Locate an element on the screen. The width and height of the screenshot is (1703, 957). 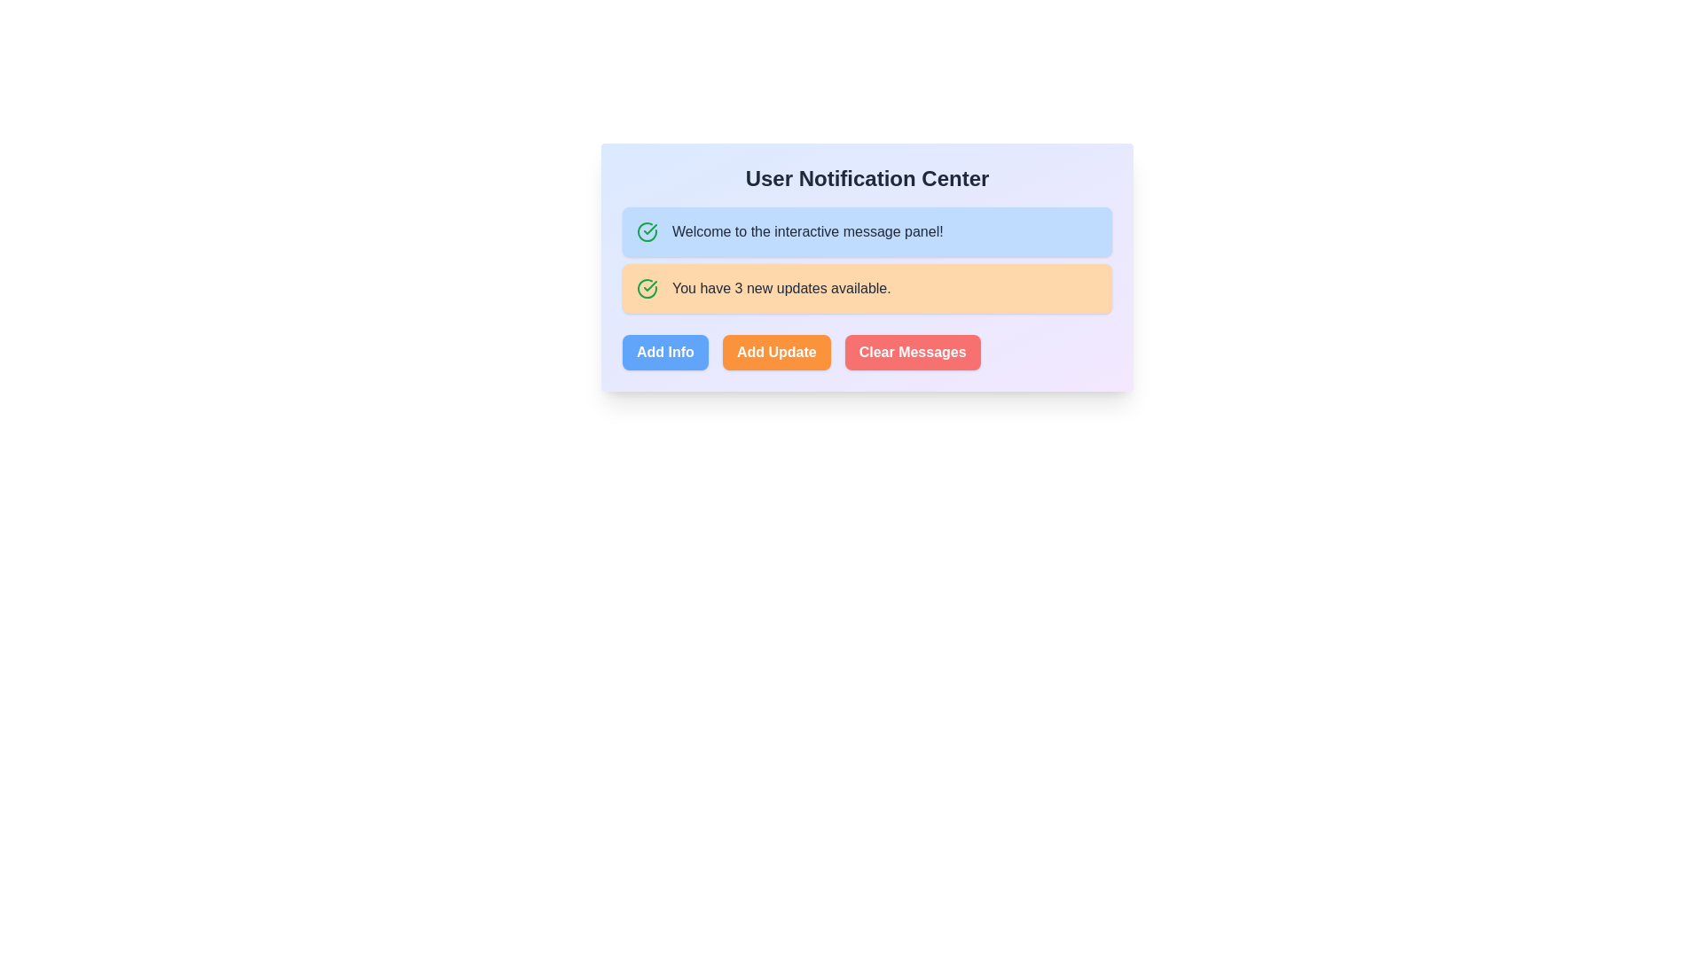
the green checkmark icon located in the upper-left section of the notification panel with an orange background, indicating that there are 3 new updates available is located at coordinates (646, 288).